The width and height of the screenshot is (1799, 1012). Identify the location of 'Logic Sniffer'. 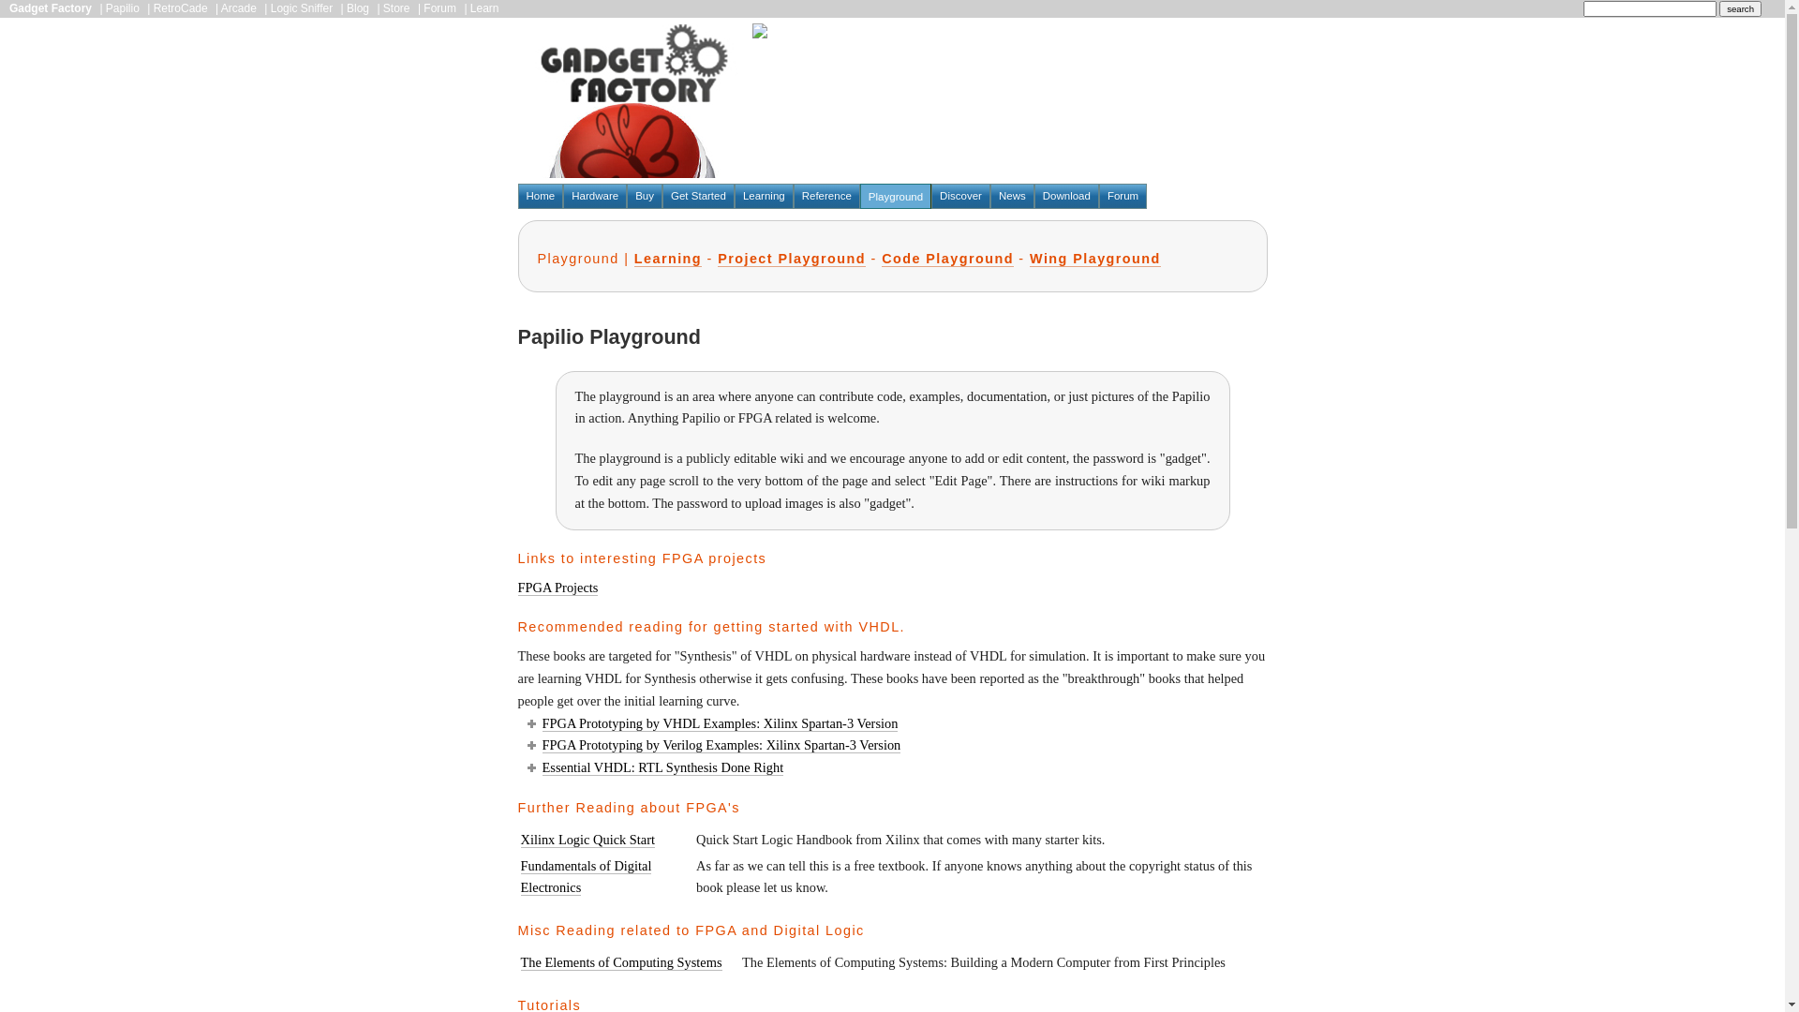
(269, 7).